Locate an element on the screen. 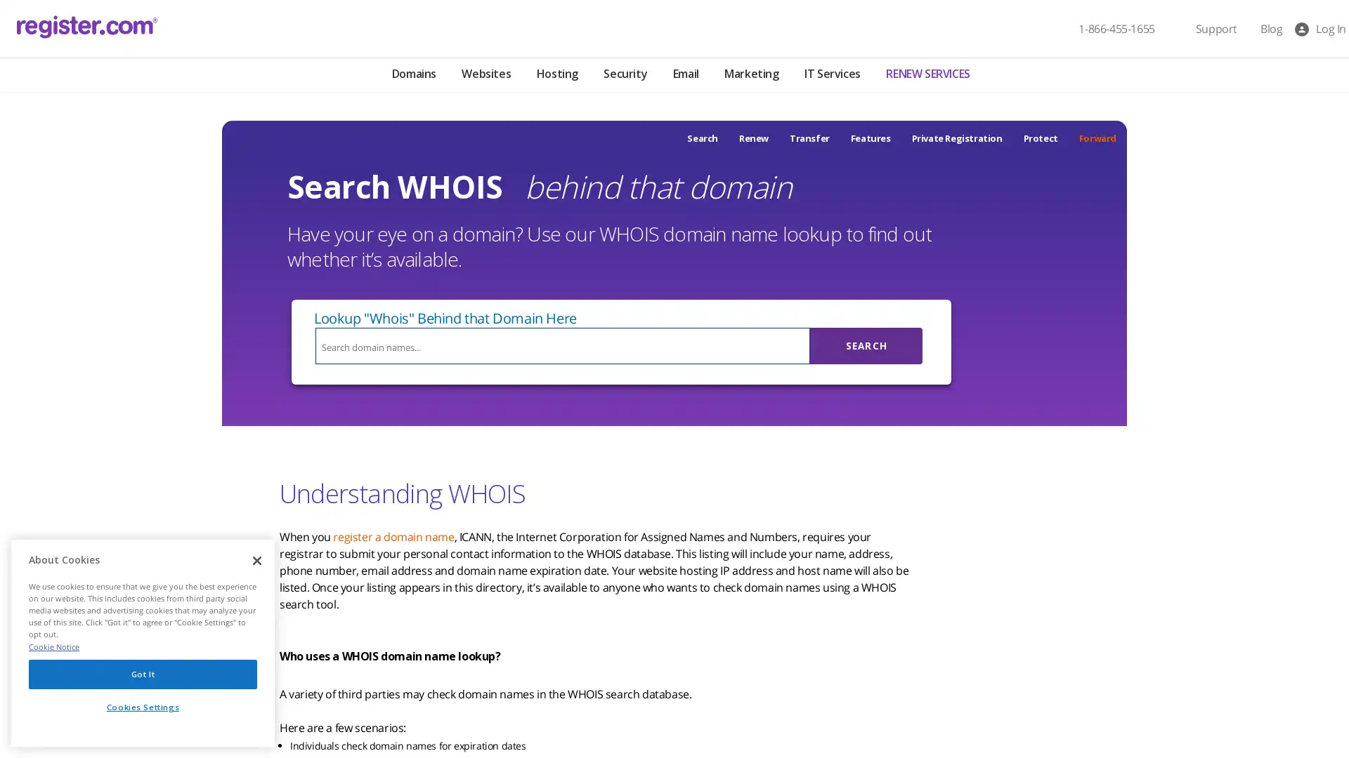 This screenshot has width=1349, height=758. Got It is located at coordinates (143, 677).